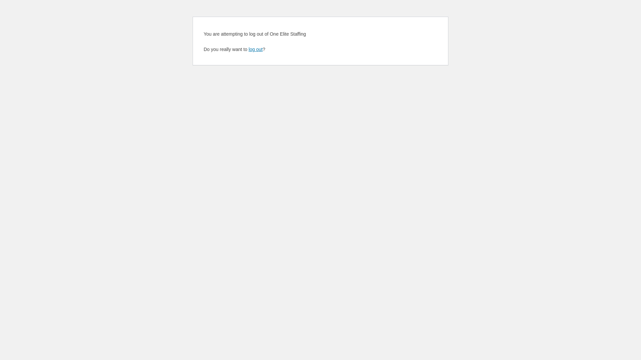  Describe the element at coordinates (255, 49) in the screenshot. I see `'log out'` at that location.